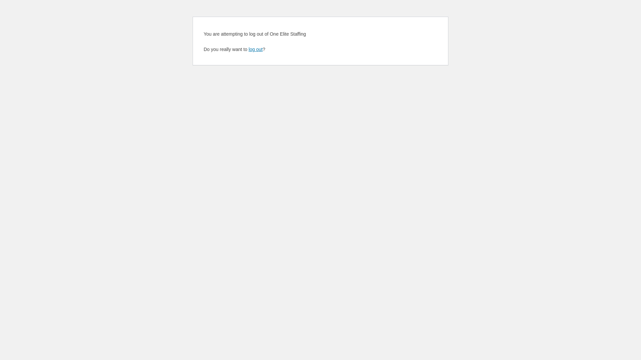  Describe the element at coordinates (255, 49) in the screenshot. I see `'log out'` at that location.